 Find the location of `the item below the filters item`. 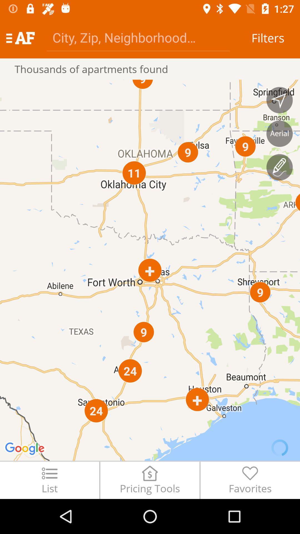

the item below the filters item is located at coordinates (279, 100).